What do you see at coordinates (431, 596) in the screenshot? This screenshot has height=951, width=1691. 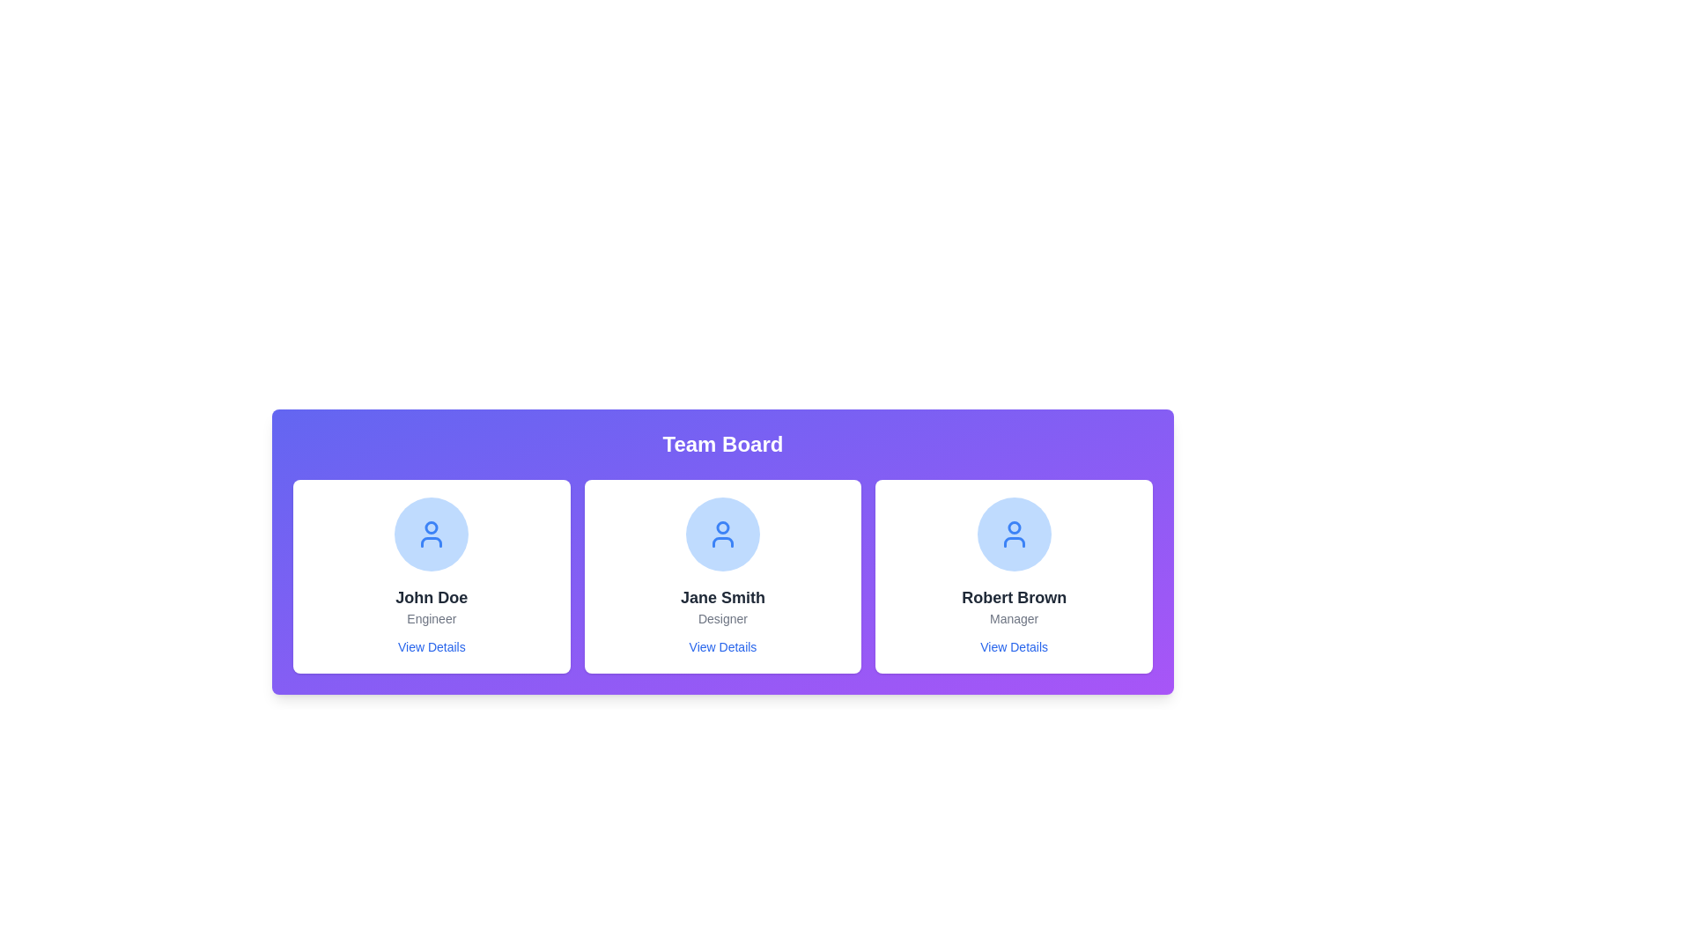 I see `the text label displaying the individual's name, which is located directly below the avatar icon in the first card of the horizontally aligned set of cards` at bounding box center [431, 596].